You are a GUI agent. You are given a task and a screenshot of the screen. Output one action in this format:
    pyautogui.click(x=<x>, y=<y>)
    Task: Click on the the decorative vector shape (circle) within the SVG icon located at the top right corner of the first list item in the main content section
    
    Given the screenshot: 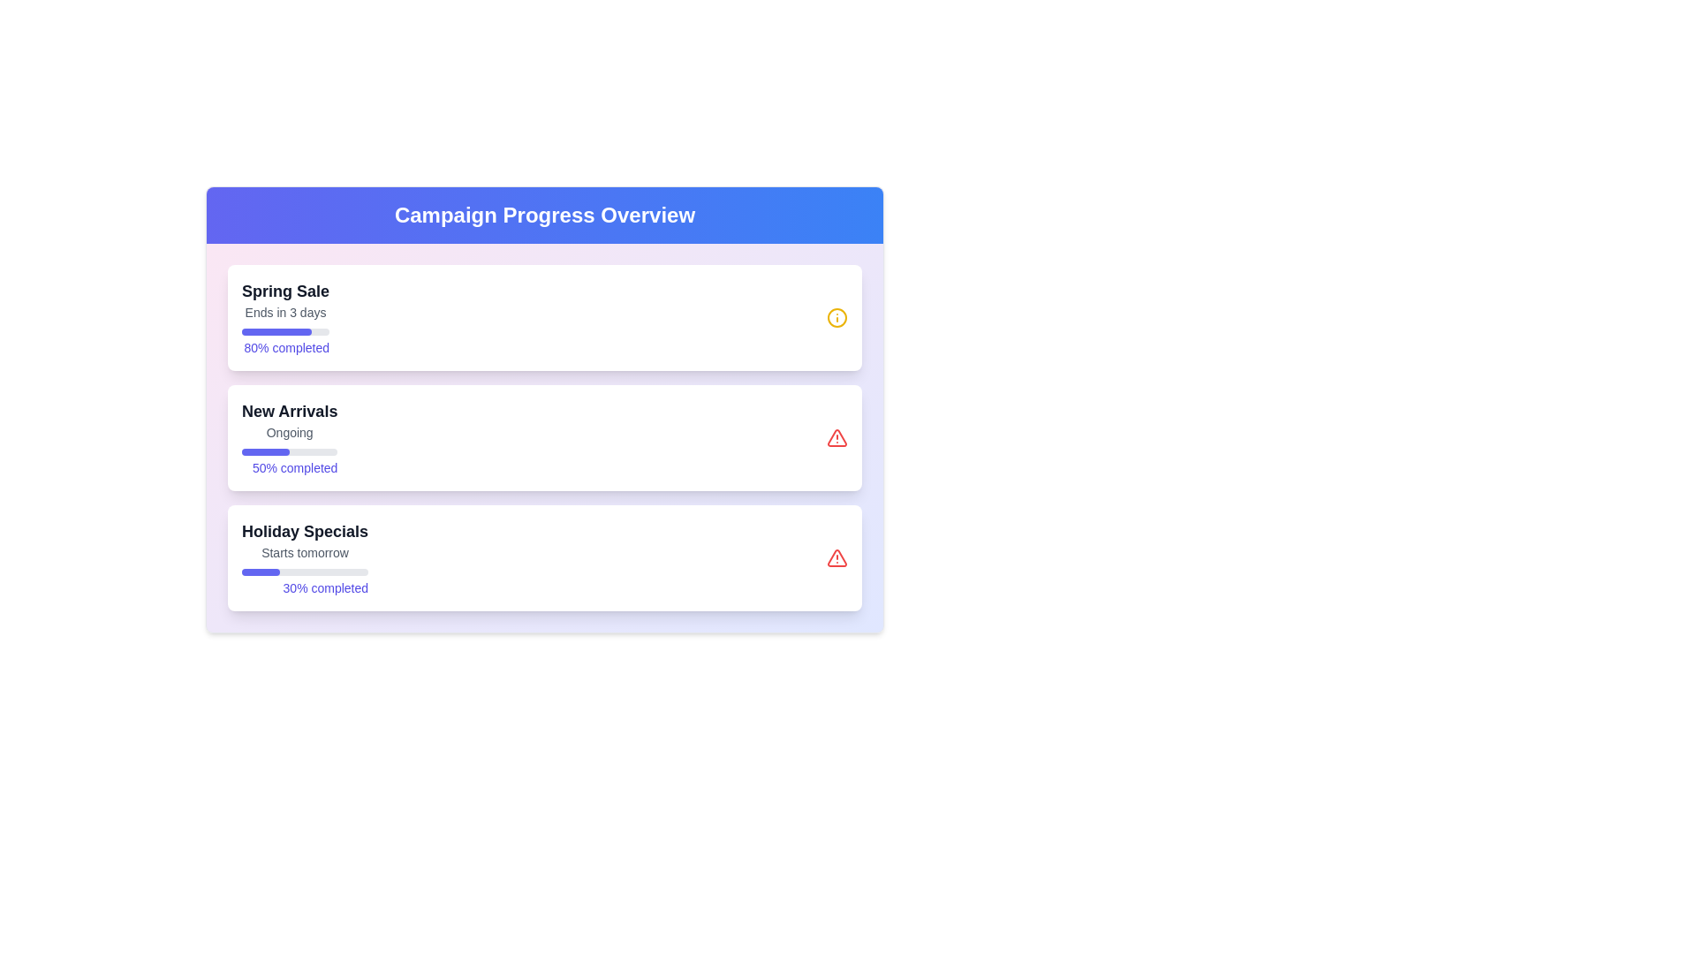 What is the action you would take?
    pyautogui.click(x=837, y=316)
    